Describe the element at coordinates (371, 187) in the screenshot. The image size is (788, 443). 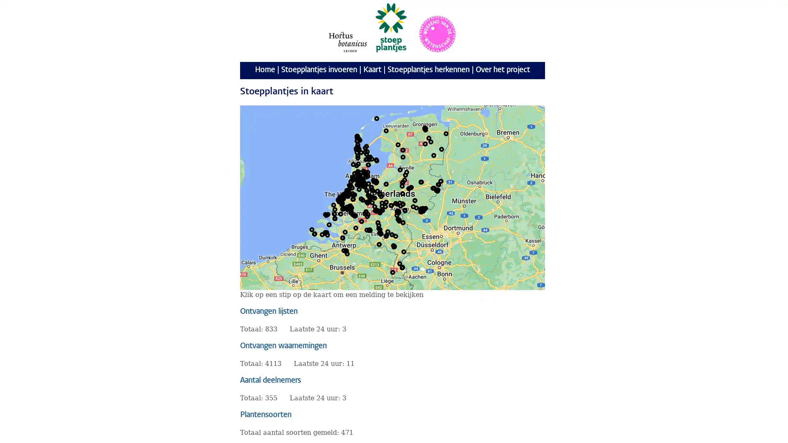
I see `Telling van Jaap CB op 24 oktober 2021` at that location.